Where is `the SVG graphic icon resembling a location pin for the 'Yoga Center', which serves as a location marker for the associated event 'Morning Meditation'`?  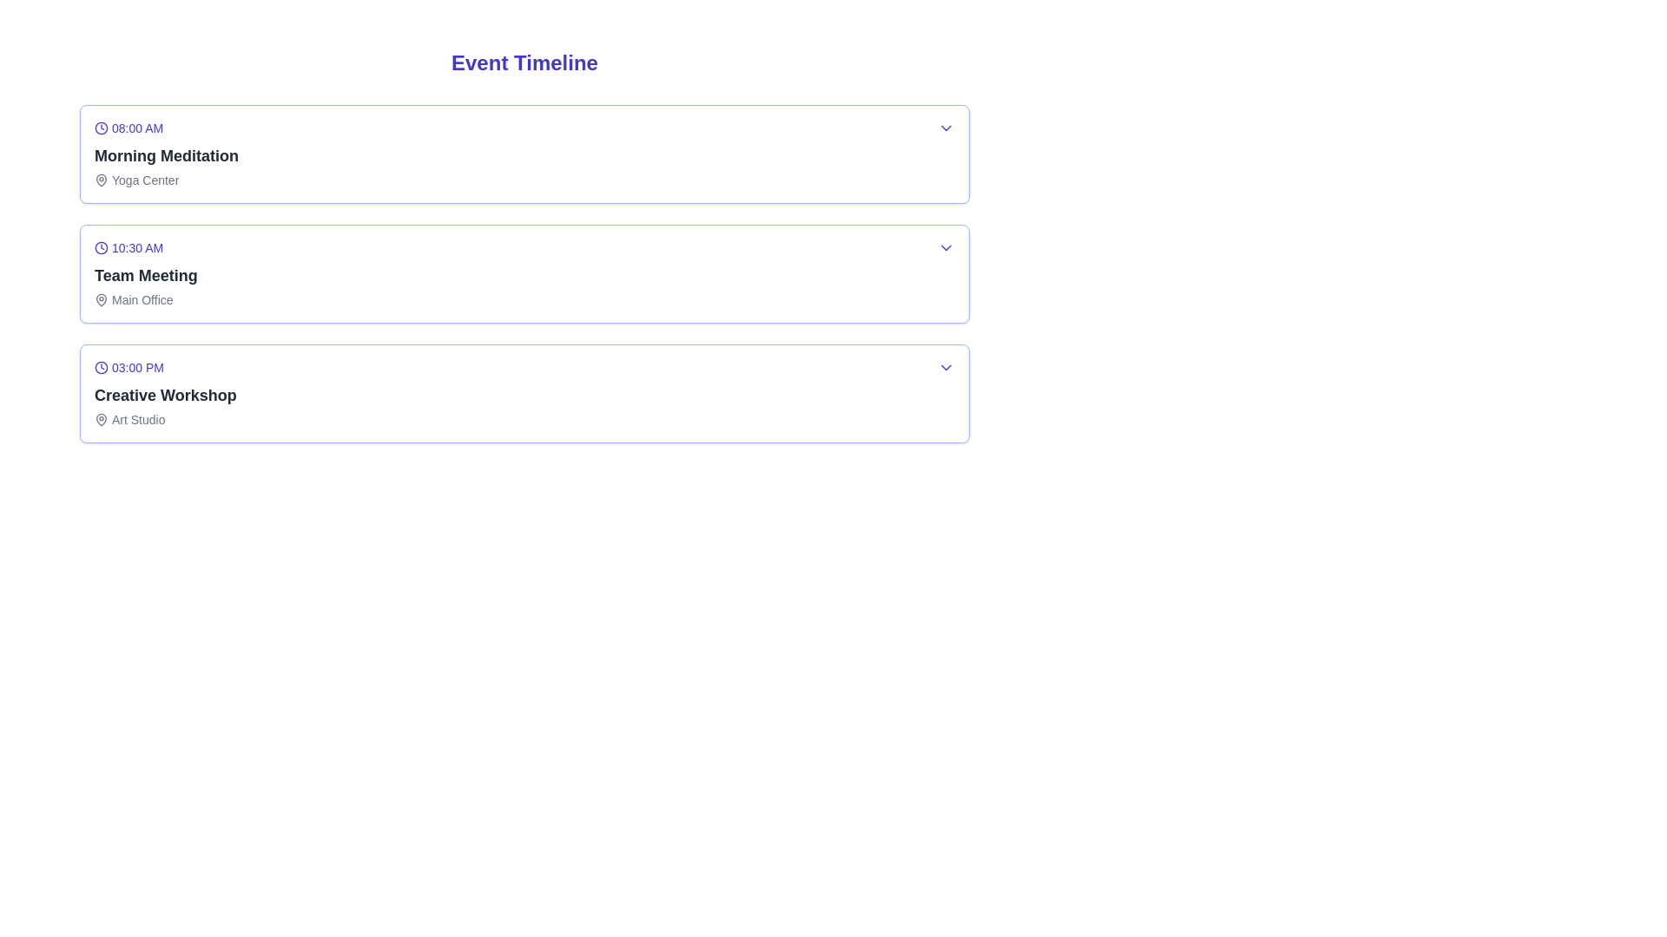 the SVG graphic icon resembling a location pin for the 'Yoga Center', which serves as a location marker for the associated event 'Morning Meditation' is located at coordinates (100, 180).